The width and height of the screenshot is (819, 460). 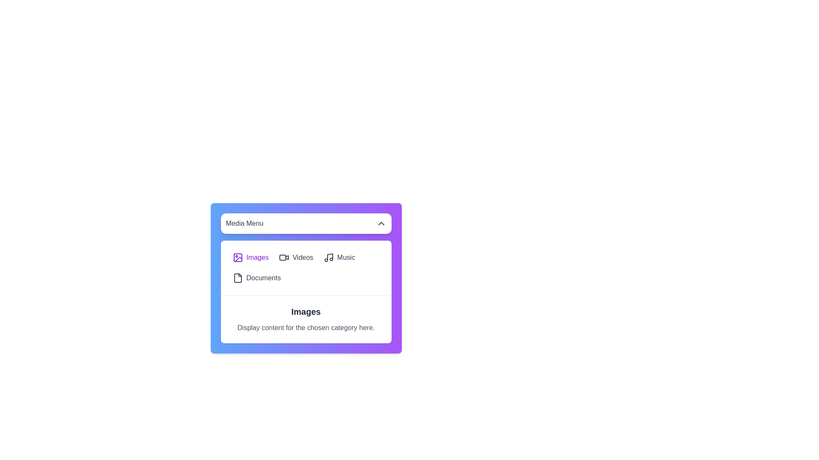 I want to click on the upward-pointing chevron icon at the top-right corner of the 'Media Menu' header, so click(x=380, y=223).